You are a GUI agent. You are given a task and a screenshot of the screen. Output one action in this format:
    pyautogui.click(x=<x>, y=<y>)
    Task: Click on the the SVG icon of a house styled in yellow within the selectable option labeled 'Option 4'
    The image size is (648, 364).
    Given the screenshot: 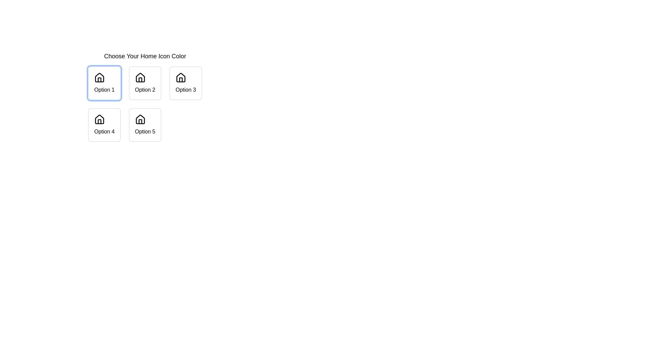 What is the action you would take?
    pyautogui.click(x=99, y=119)
    